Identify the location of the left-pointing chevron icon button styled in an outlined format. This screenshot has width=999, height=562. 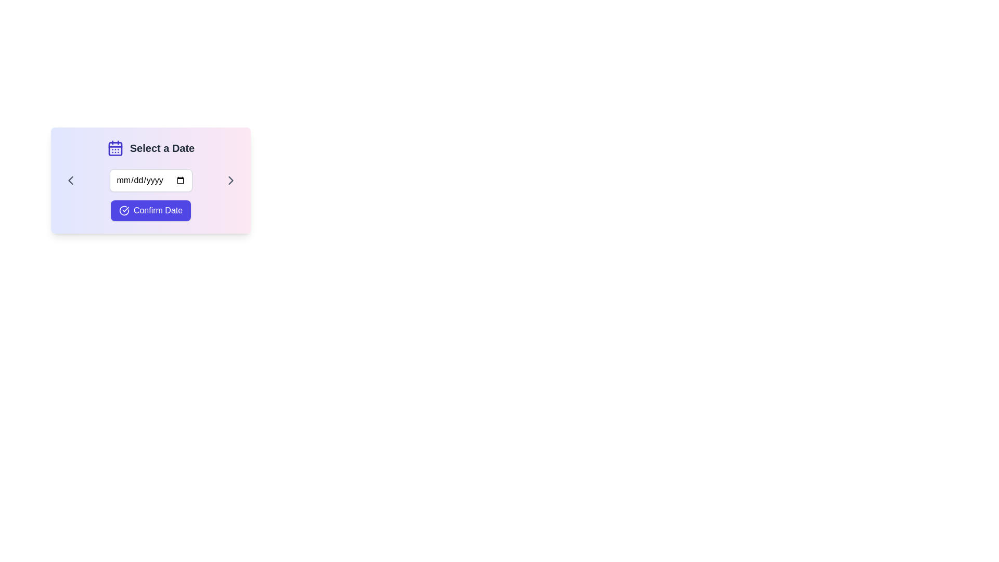
(70, 180).